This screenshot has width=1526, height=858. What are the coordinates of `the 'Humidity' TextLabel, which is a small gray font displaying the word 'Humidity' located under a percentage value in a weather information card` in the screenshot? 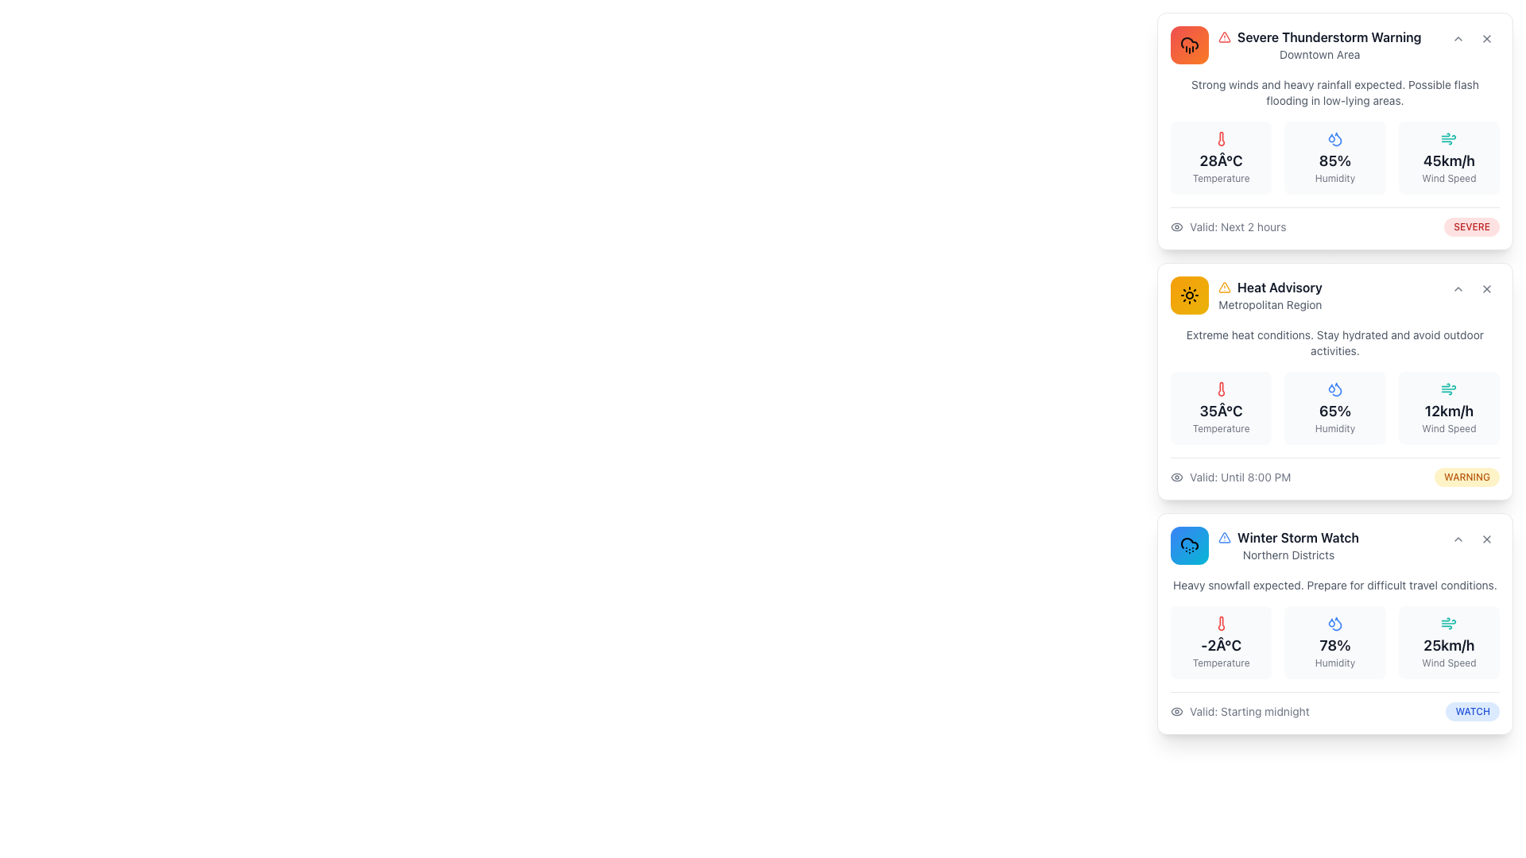 It's located at (1335, 429).